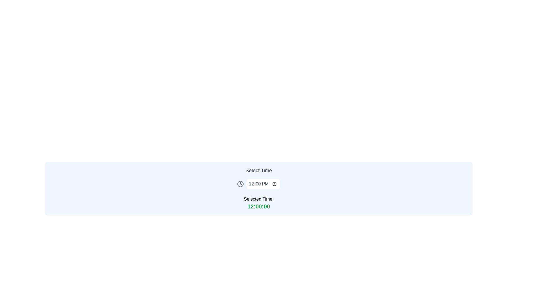  What do you see at coordinates (240, 184) in the screenshot?
I see `the circular element of the clock icon, which serves as the outer boundary and is located to the left of the '12:00 PM' time selection input field` at bounding box center [240, 184].